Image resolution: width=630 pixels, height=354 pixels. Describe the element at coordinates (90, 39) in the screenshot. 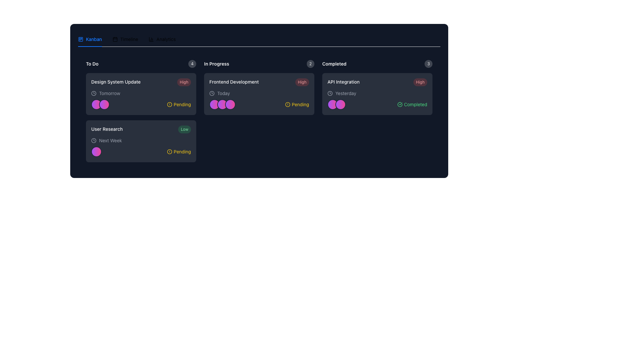

I see `the 'Kanban' tab located in the upper-left corner of the interface` at that location.